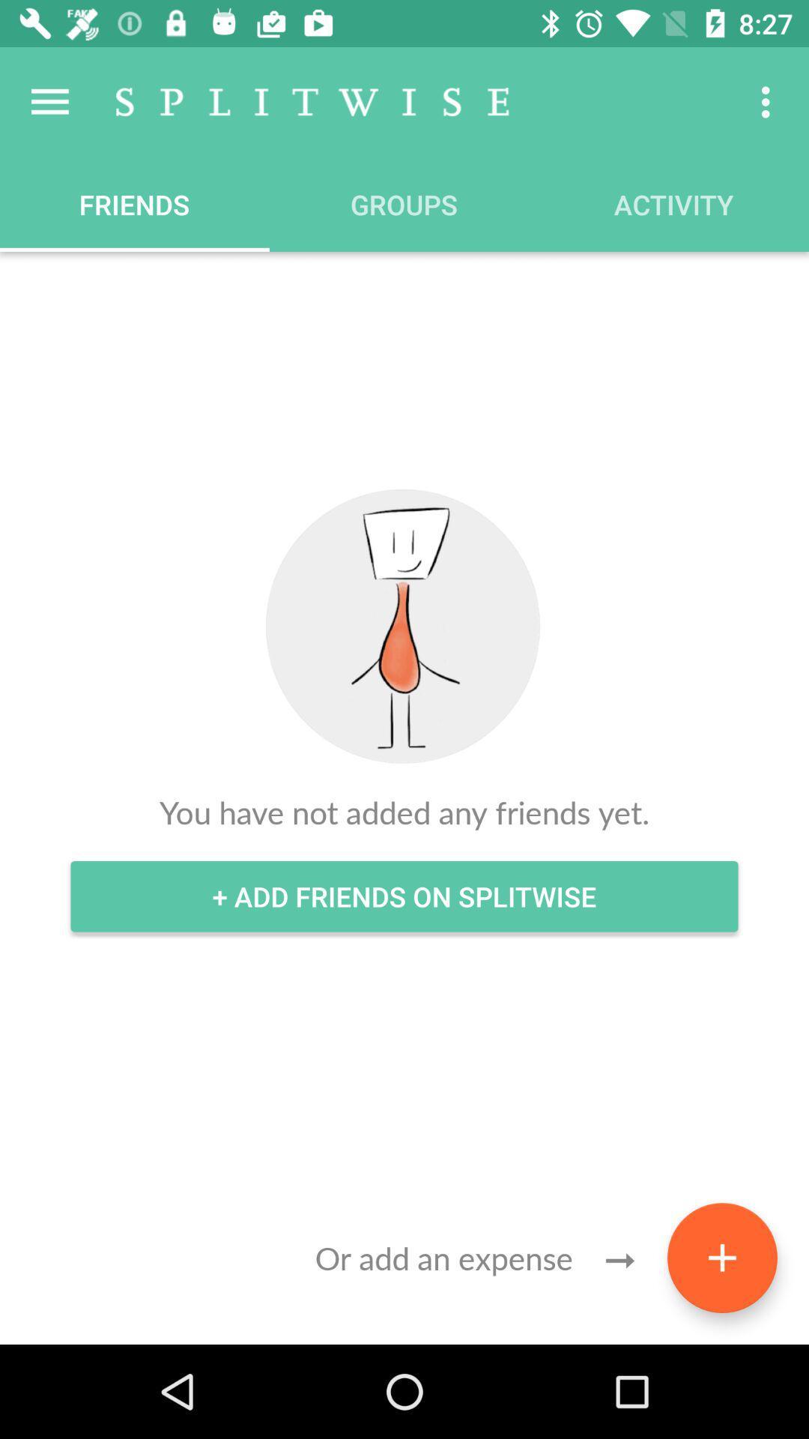  What do you see at coordinates (721, 1258) in the screenshot?
I see `the add icon` at bounding box center [721, 1258].